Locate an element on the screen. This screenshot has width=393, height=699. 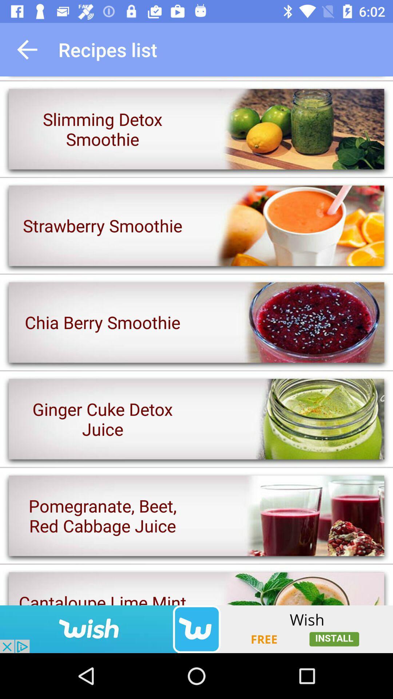
install wish is located at coordinates (196, 629).